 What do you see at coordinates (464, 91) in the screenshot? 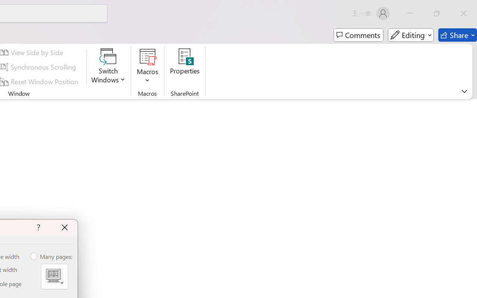
I see `'Ribbon Display Options'` at bounding box center [464, 91].